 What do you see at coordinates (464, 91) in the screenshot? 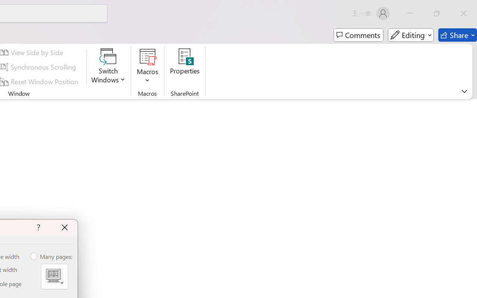
I see `'Ribbon Display Options'` at bounding box center [464, 91].